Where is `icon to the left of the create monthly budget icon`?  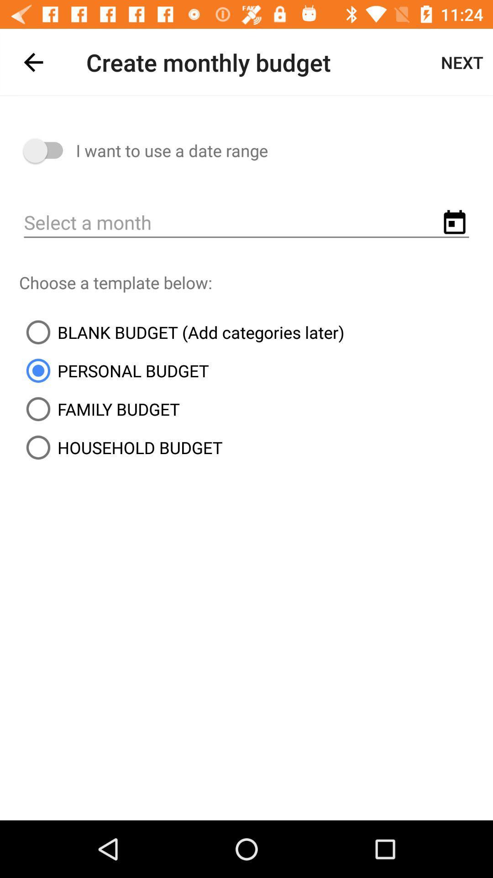 icon to the left of the create monthly budget icon is located at coordinates (33, 62).